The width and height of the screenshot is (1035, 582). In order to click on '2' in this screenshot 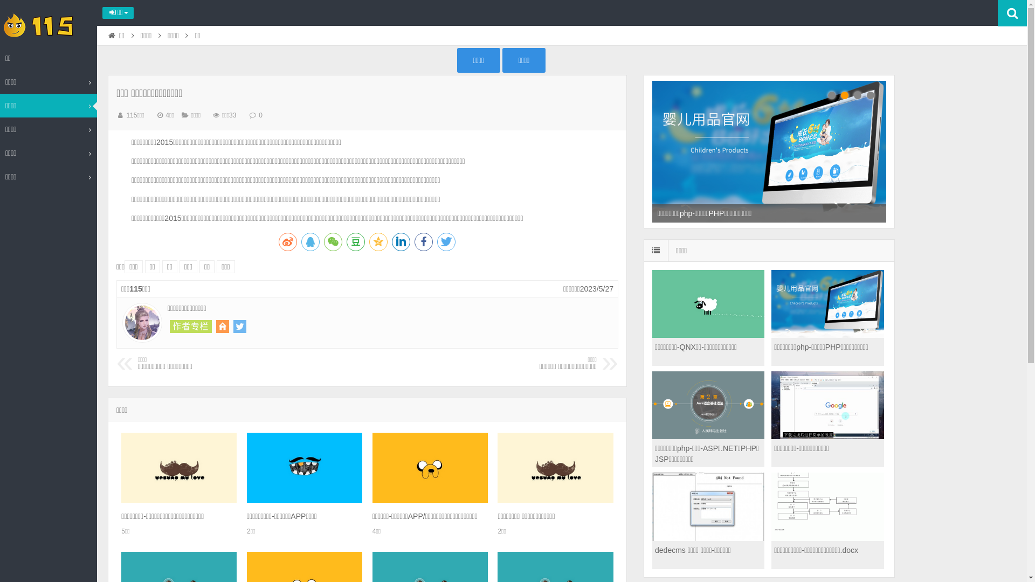, I will do `click(844, 95)`.